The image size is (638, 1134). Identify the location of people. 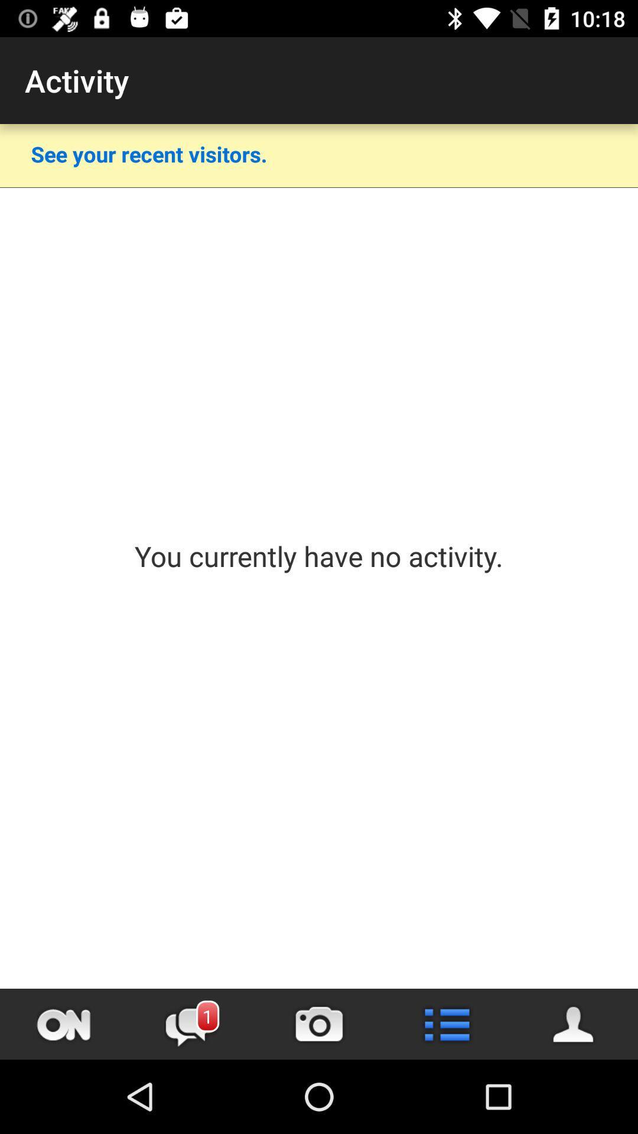
(574, 1024).